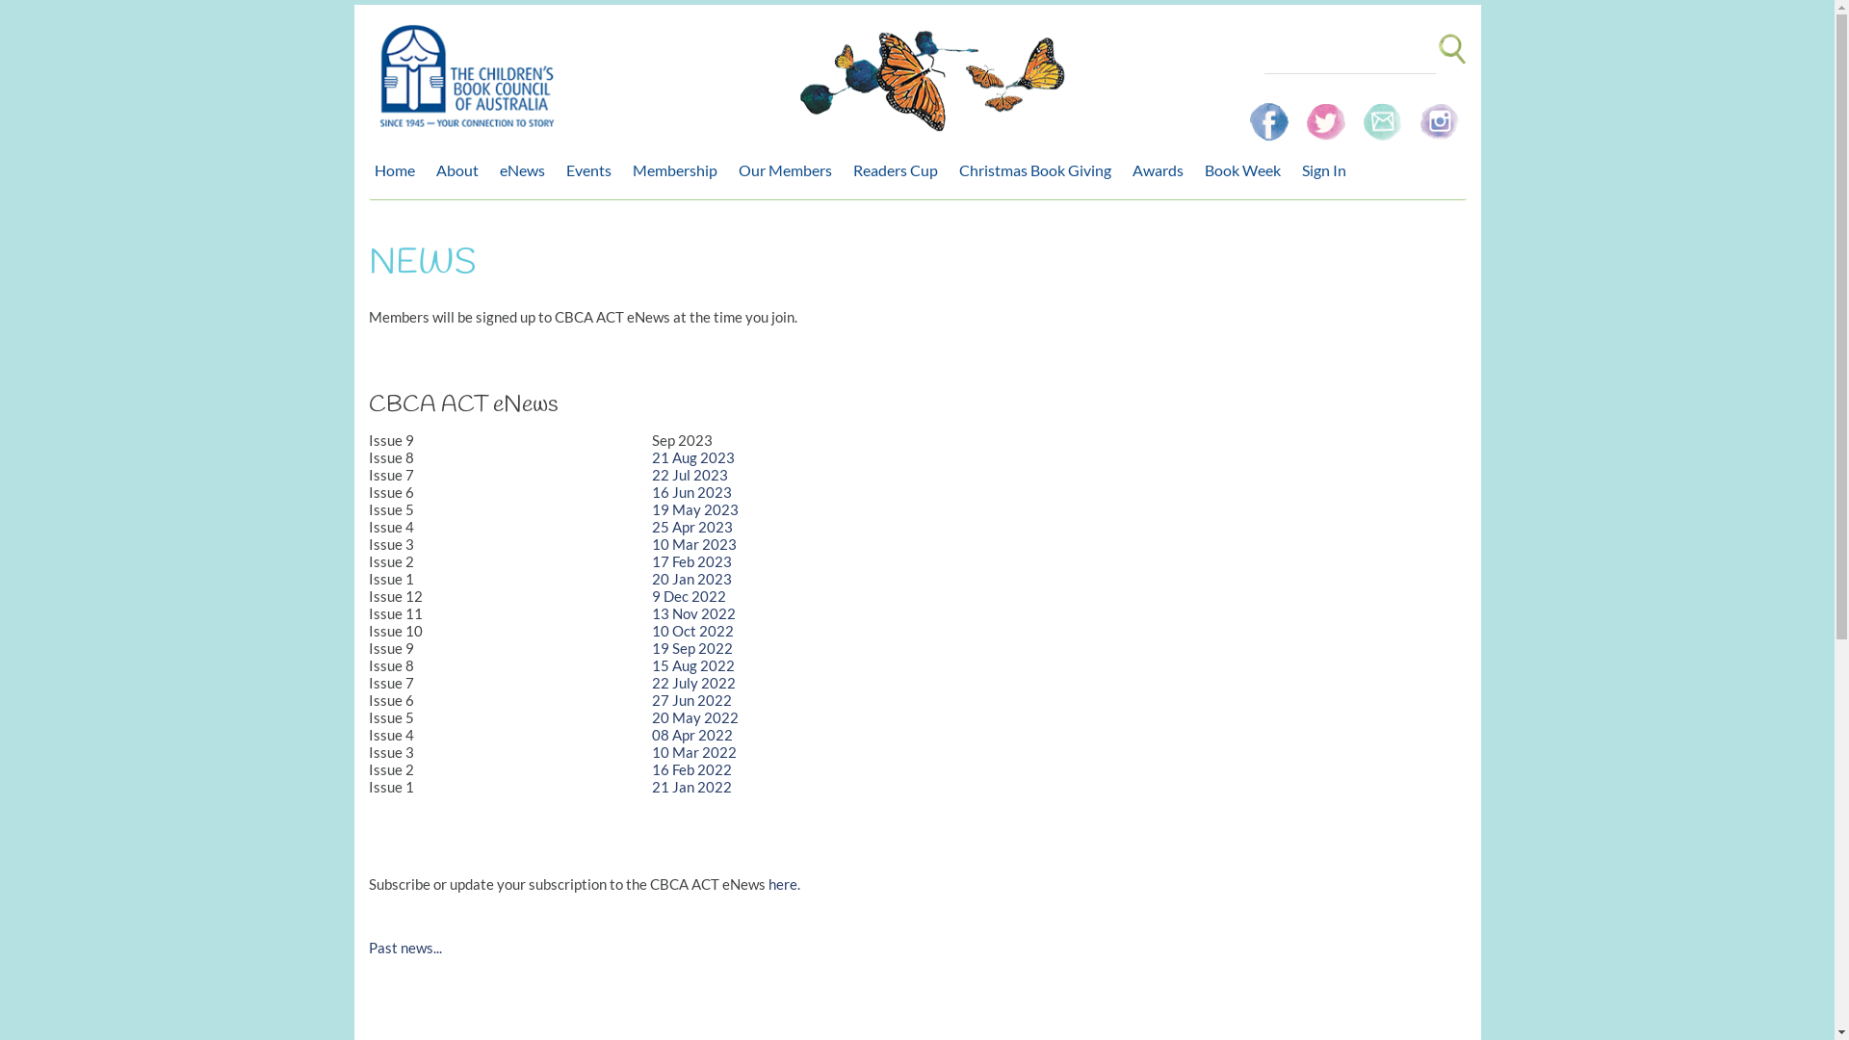 This screenshot has width=1849, height=1040. What do you see at coordinates (789, 169) in the screenshot?
I see `'Our Members'` at bounding box center [789, 169].